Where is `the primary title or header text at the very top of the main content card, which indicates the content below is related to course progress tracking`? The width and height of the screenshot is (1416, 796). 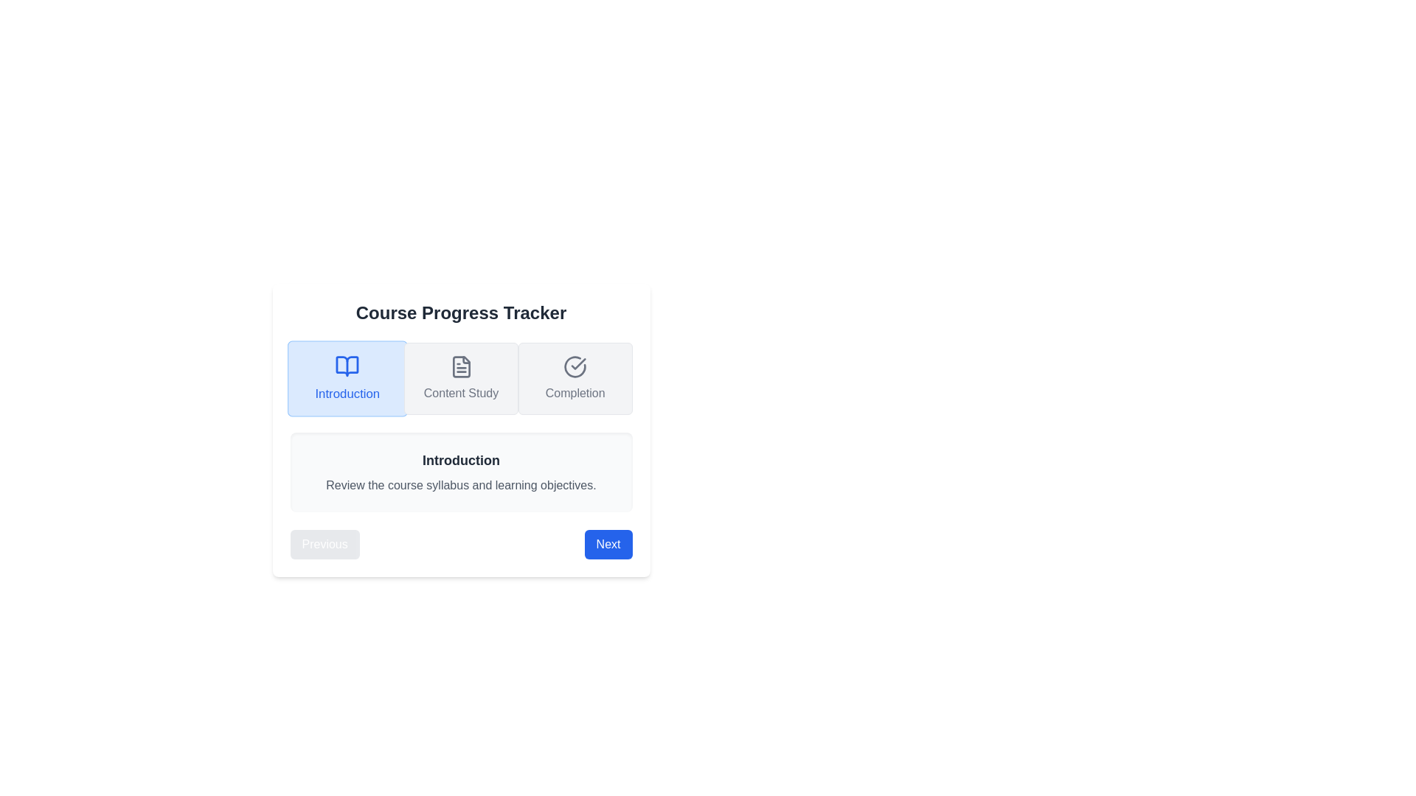 the primary title or header text at the very top of the main content card, which indicates the content below is related to course progress tracking is located at coordinates (460, 312).